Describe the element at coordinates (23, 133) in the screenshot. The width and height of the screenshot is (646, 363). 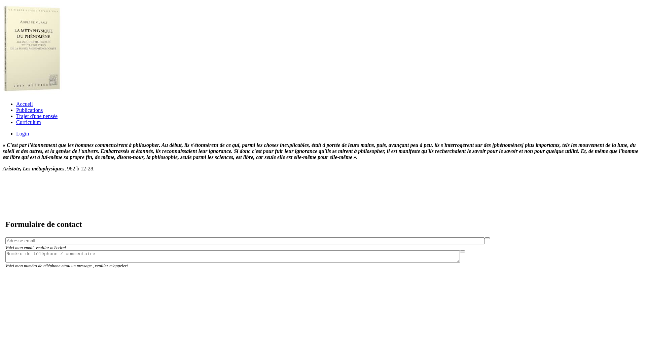
I see `'Login'` at that location.